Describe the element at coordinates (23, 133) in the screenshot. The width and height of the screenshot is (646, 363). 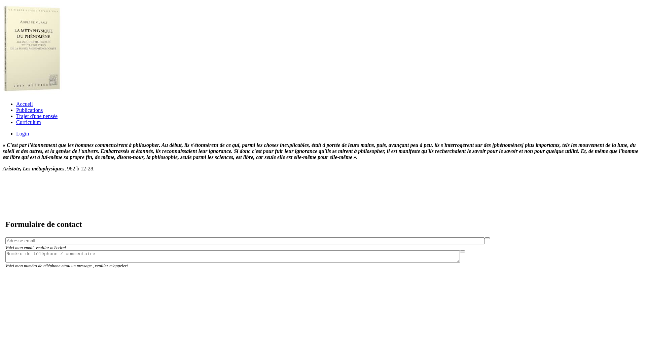
I see `'Login'` at that location.